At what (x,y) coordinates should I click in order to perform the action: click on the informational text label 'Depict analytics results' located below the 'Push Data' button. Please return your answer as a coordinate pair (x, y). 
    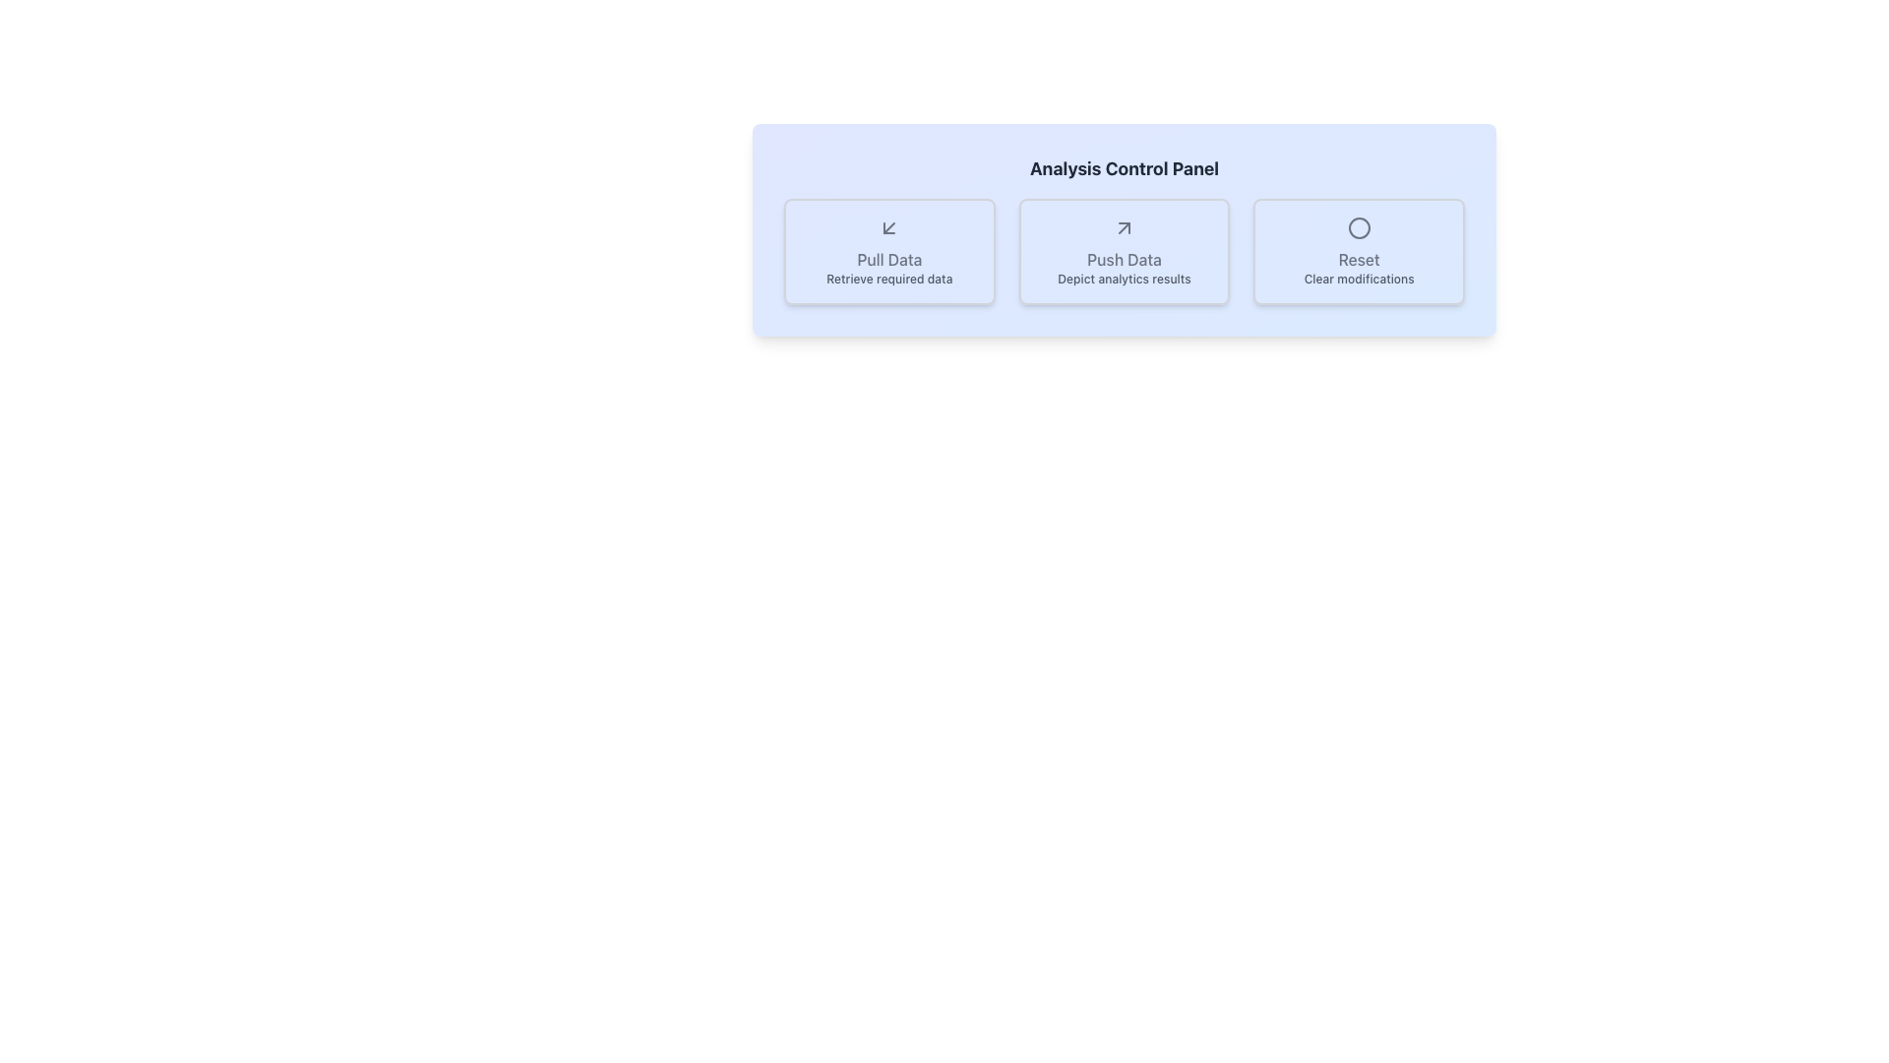
    Looking at the image, I should click on (1124, 280).